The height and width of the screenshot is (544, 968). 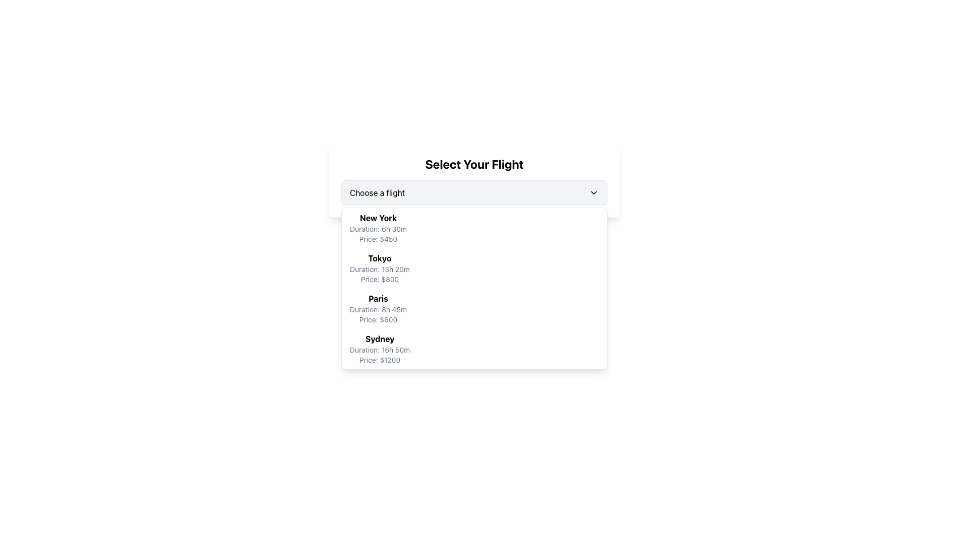 What do you see at coordinates (377, 192) in the screenshot?
I see `the text label indicating the current selection in the drop-down menu, which is centrally aligned and has a right-aligned chevron icon next to it` at bounding box center [377, 192].